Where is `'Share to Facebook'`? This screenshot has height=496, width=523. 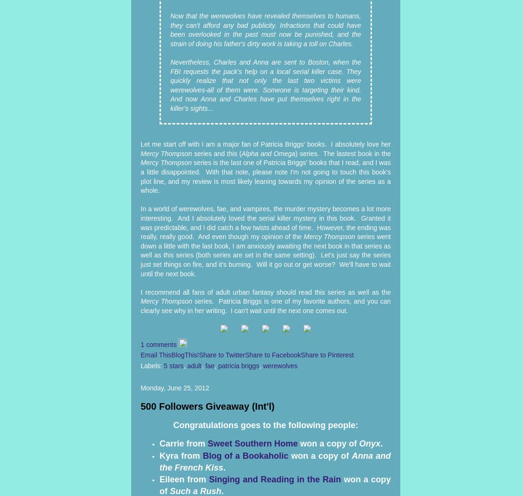
'Share to Facebook' is located at coordinates (273, 355).